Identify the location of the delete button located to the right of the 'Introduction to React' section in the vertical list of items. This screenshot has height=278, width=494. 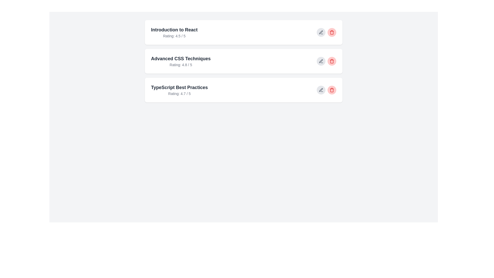
(332, 32).